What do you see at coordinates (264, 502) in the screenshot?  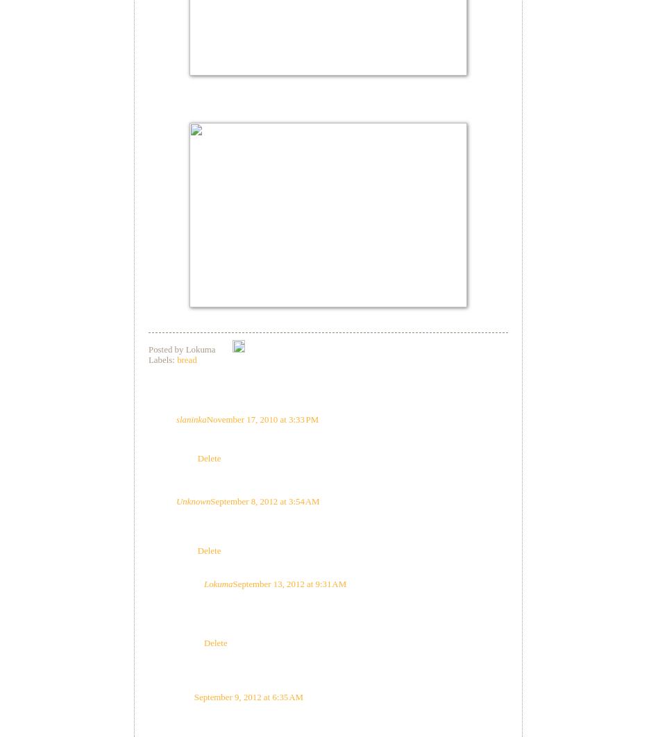 I see `'September 8, 2012 at 3:54 AM'` at bounding box center [264, 502].